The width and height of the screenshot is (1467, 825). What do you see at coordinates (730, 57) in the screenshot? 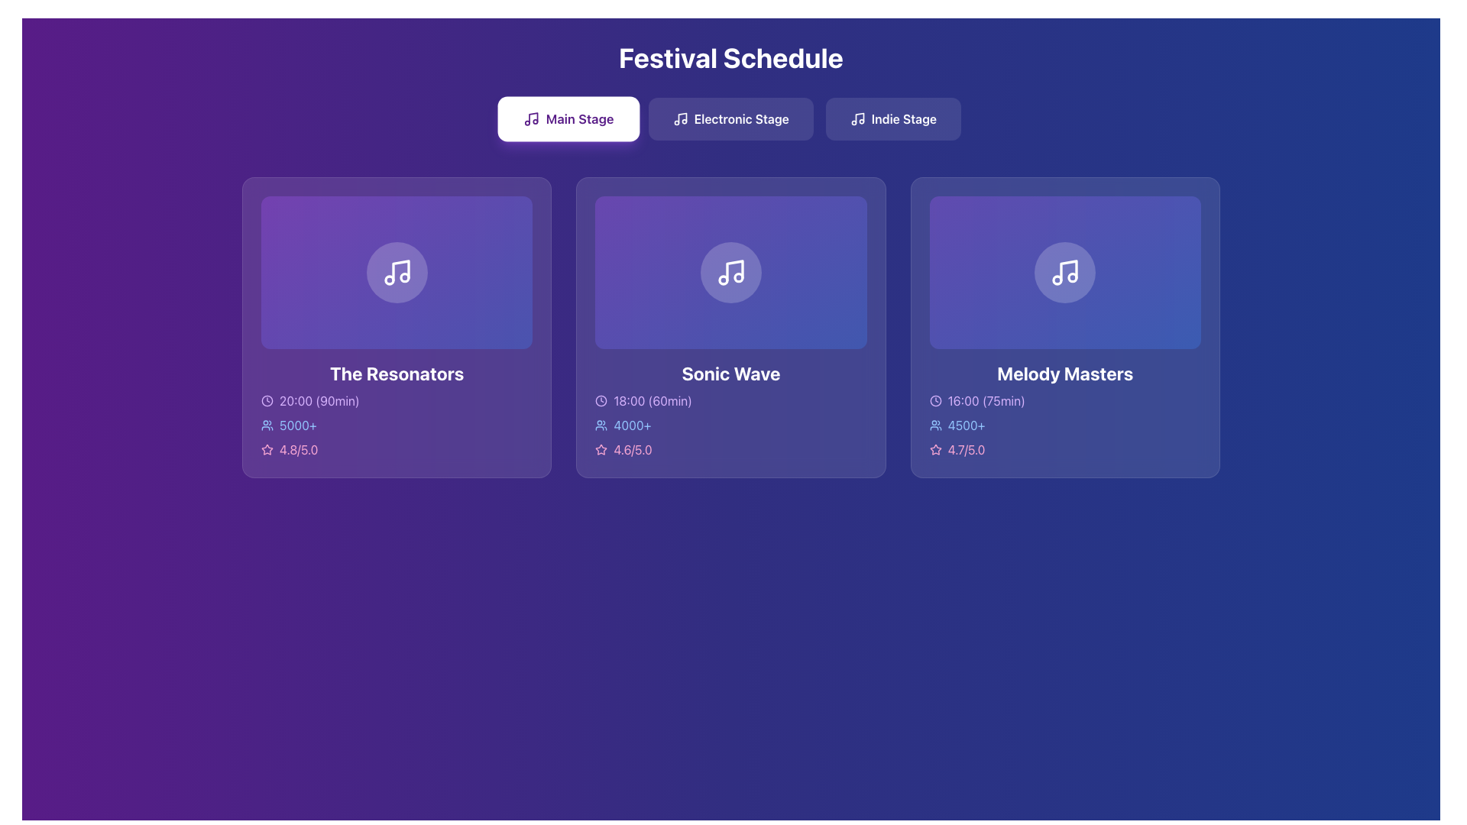
I see `the header located at the top center of the interface, which informs users of the page's purpose or theme` at bounding box center [730, 57].